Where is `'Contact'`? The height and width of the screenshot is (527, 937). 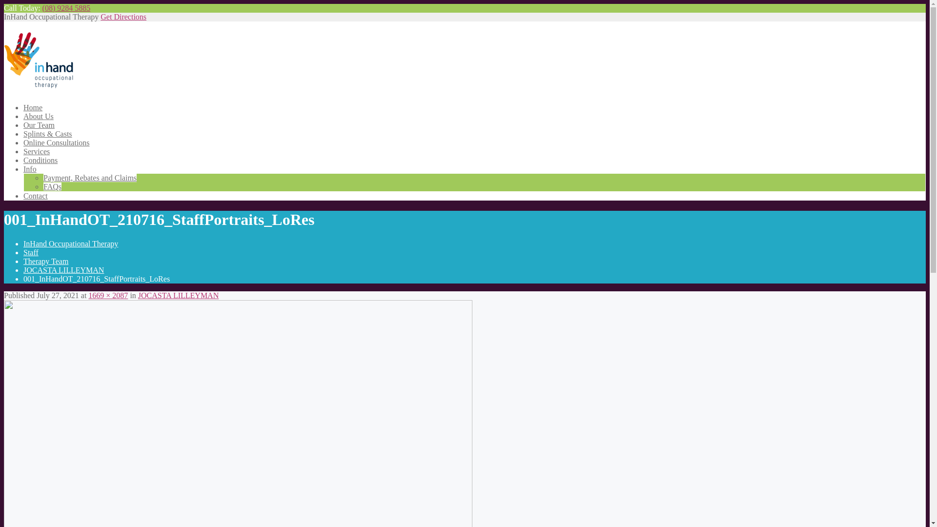
'Contact' is located at coordinates (35, 196).